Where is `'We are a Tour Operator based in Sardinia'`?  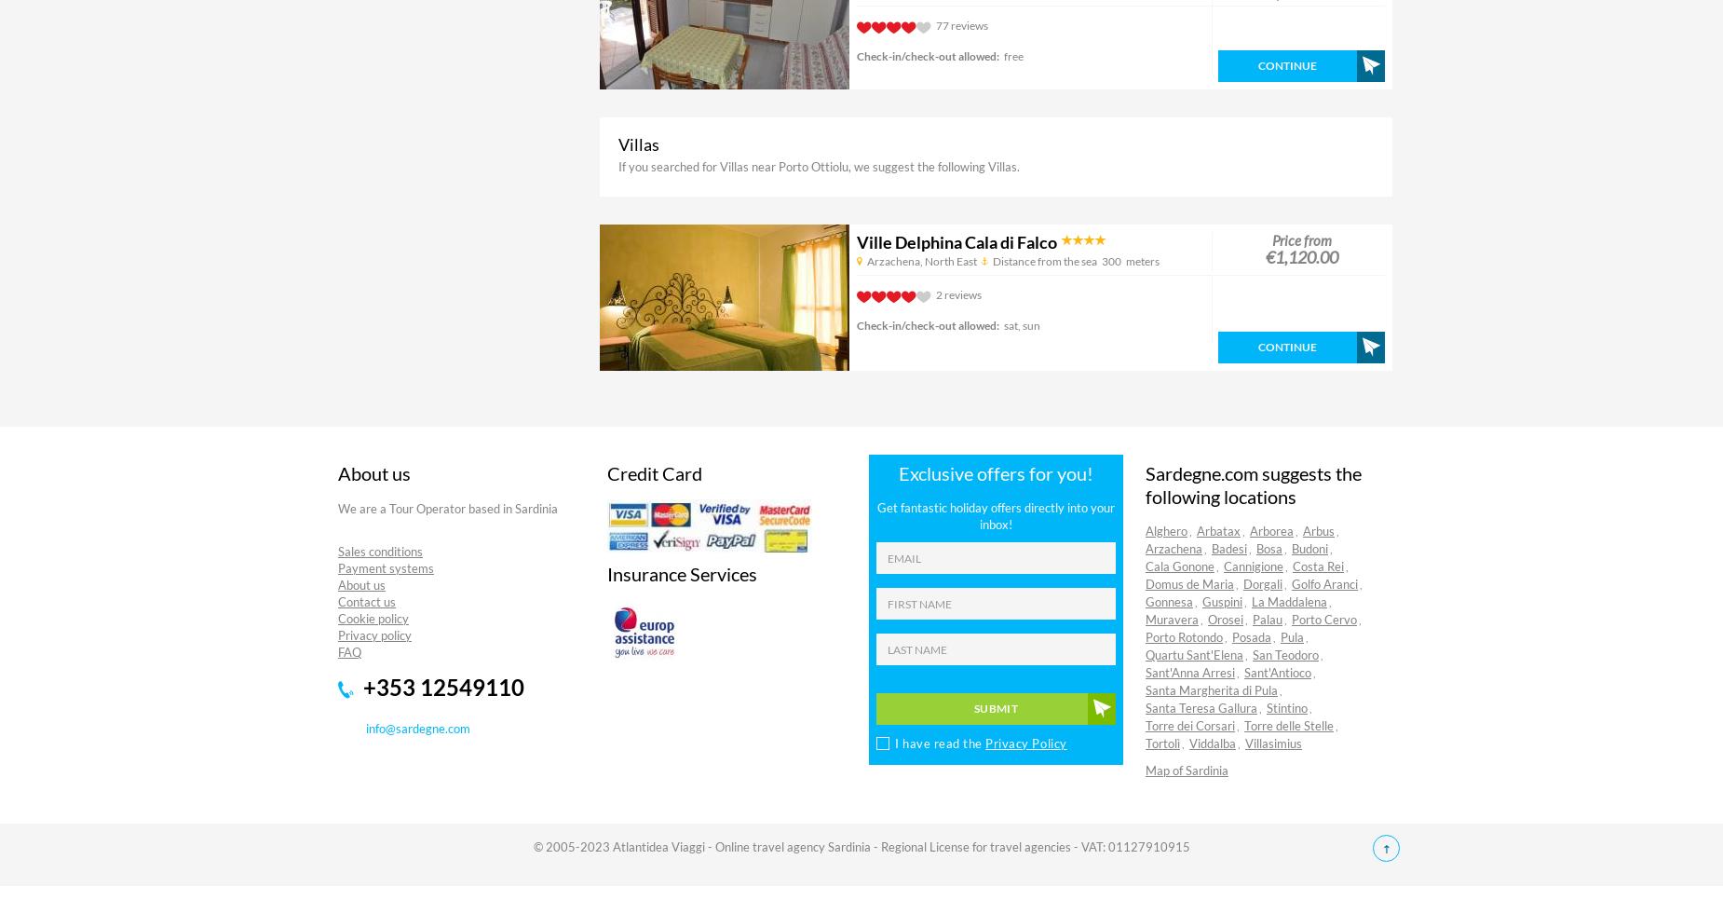
'We are a Tour Operator based in Sardinia' is located at coordinates (448, 509).